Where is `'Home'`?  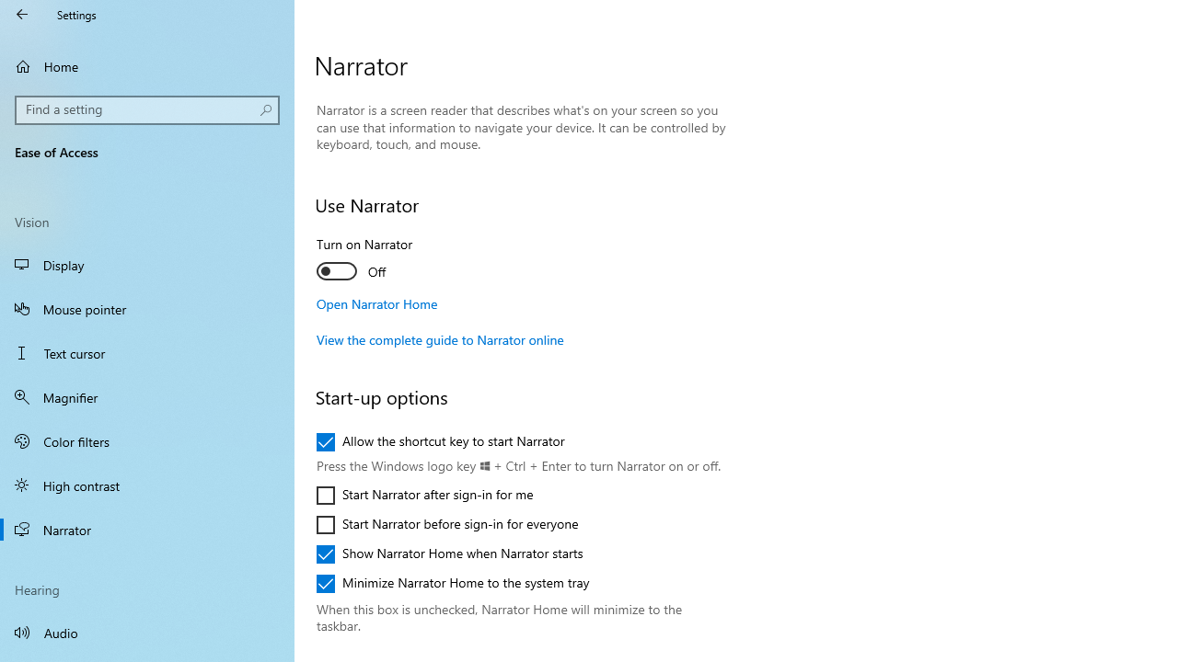
'Home' is located at coordinates (147, 65).